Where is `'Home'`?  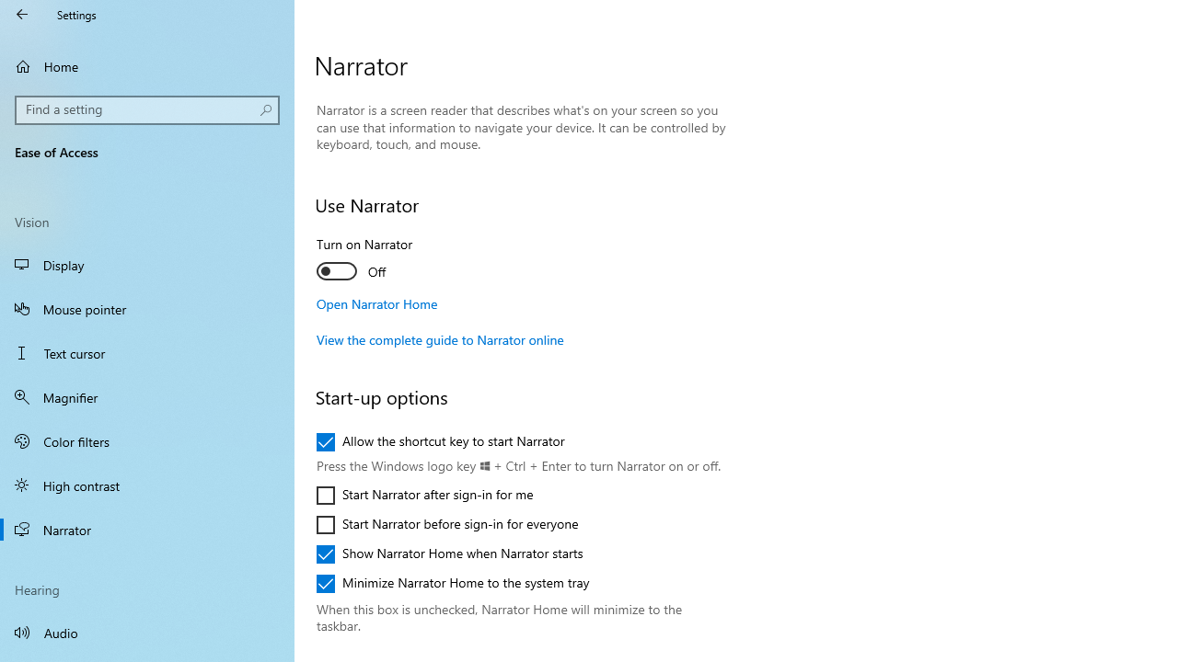
'Home' is located at coordinates (147, 65).